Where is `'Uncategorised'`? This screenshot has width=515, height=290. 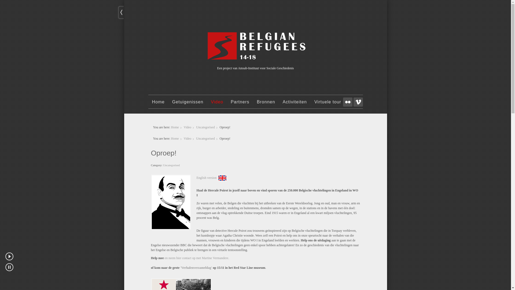 'Uncategorised' is located at coordinates (205, 138).